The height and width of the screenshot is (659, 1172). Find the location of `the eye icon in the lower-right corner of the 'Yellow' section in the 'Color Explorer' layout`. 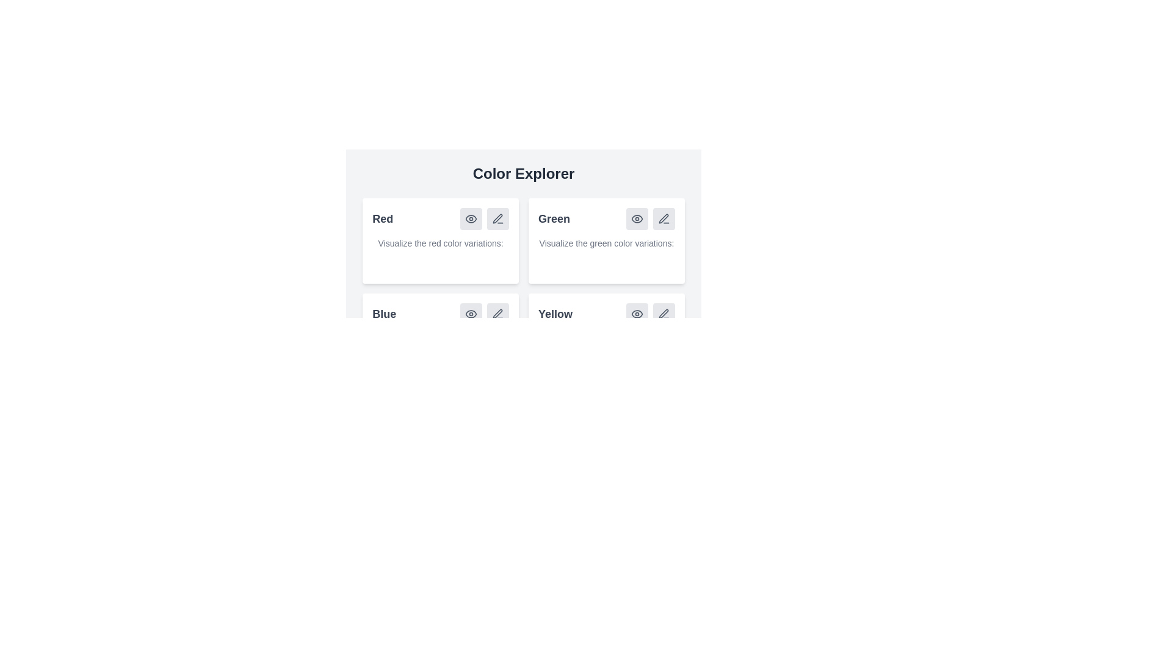

the eye icon in the lower-right corner of the 'Yellow' section in the 'Color Explorer' layout is located at coordinates (636, 314).